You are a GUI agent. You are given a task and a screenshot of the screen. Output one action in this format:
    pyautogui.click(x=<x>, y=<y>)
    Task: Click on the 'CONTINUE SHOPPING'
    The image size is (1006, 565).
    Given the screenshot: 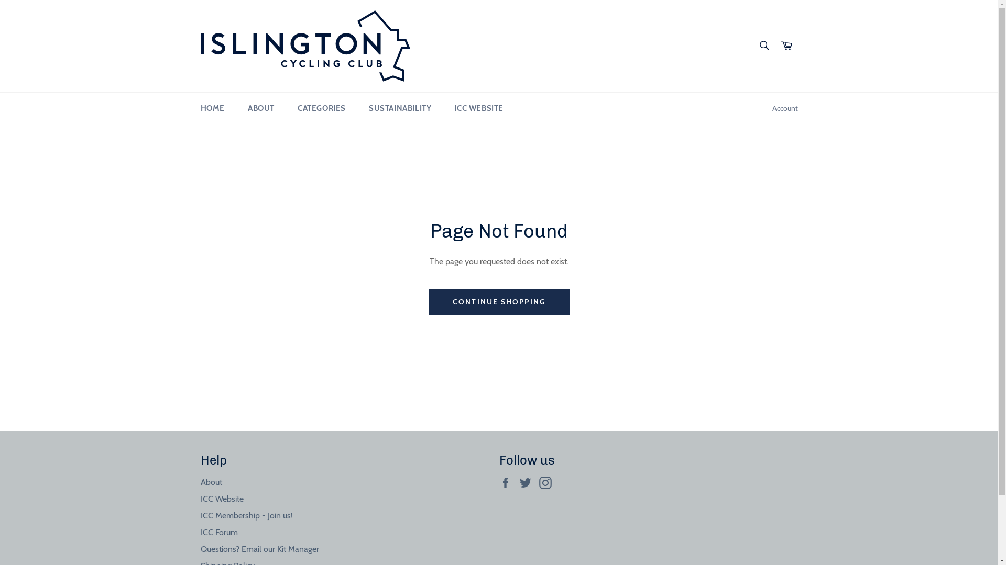 What is the action you would take?
    pyautogui.click(x=498, y=302)
    